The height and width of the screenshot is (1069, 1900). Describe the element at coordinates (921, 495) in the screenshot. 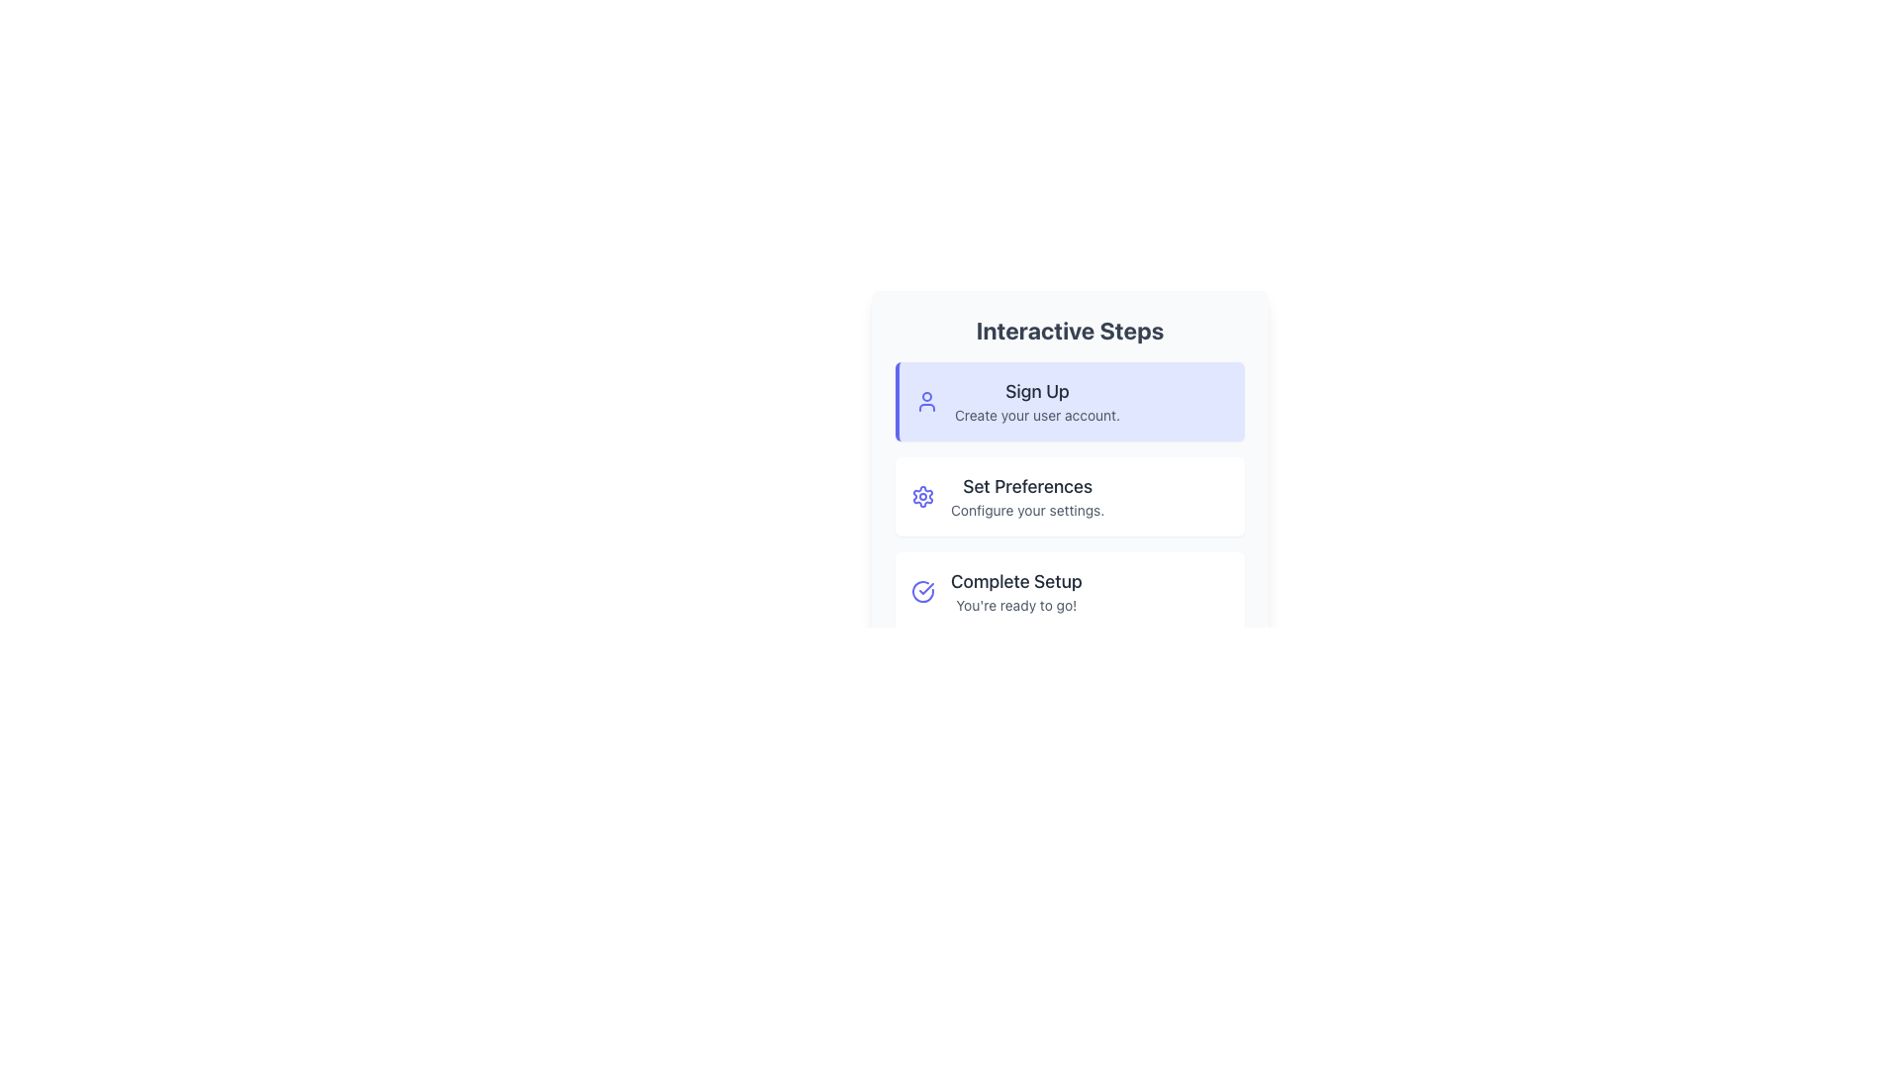

I see `the gear-like icon in indigo color, which is located on the left side of the card labeled 'Set Preferences', specifically aligned to the horizontal center of the card` at that location.